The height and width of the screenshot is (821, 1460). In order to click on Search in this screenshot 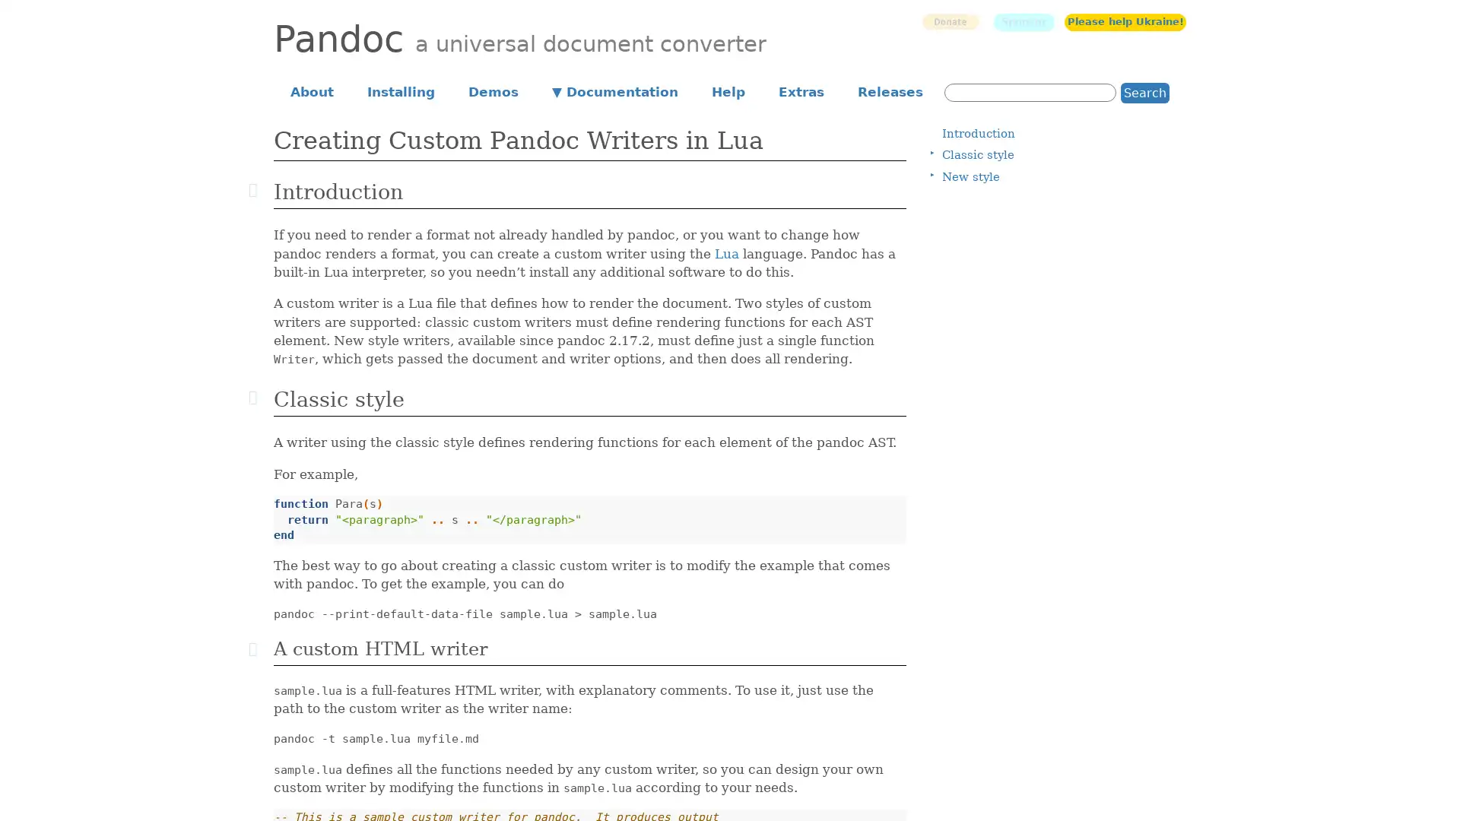, I will do `click(1145, 92)`.